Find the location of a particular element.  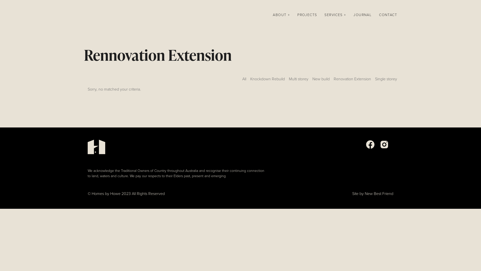

'SERVICES' is located at coordinates (335, 15).